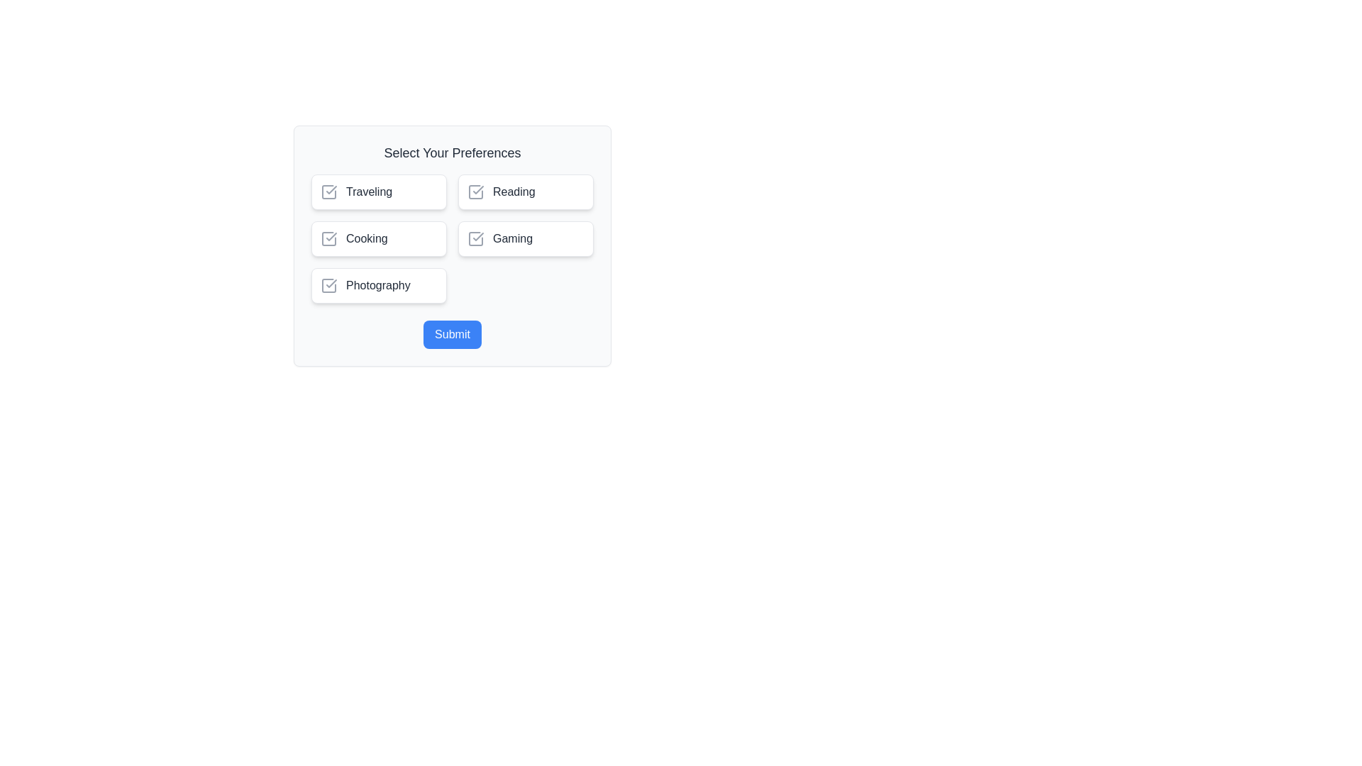  Describe the element at coordinates (525, 238) in the screenshot. I see `the checkbox-based selection button located in the second row, second column of the grid layout to navigate` at that location.